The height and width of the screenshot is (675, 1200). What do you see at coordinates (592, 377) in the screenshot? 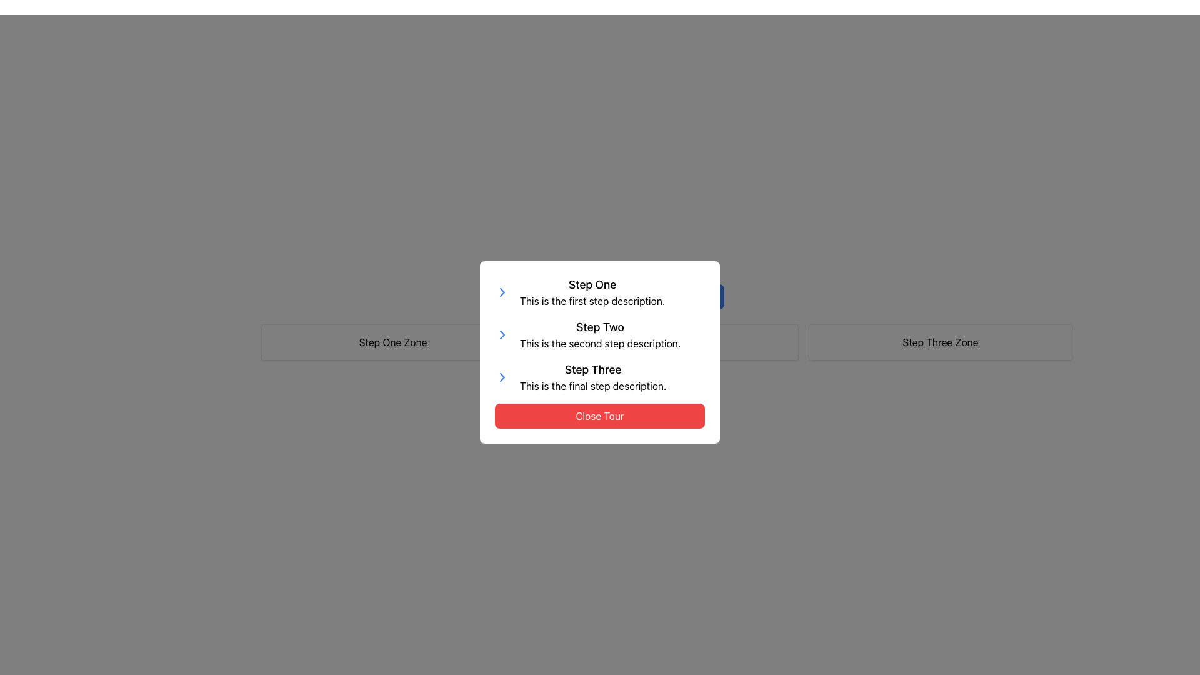
I see `the third text label in the tutorial guide steps displayed in the pop-up panel` at bounding box center [592, 377].